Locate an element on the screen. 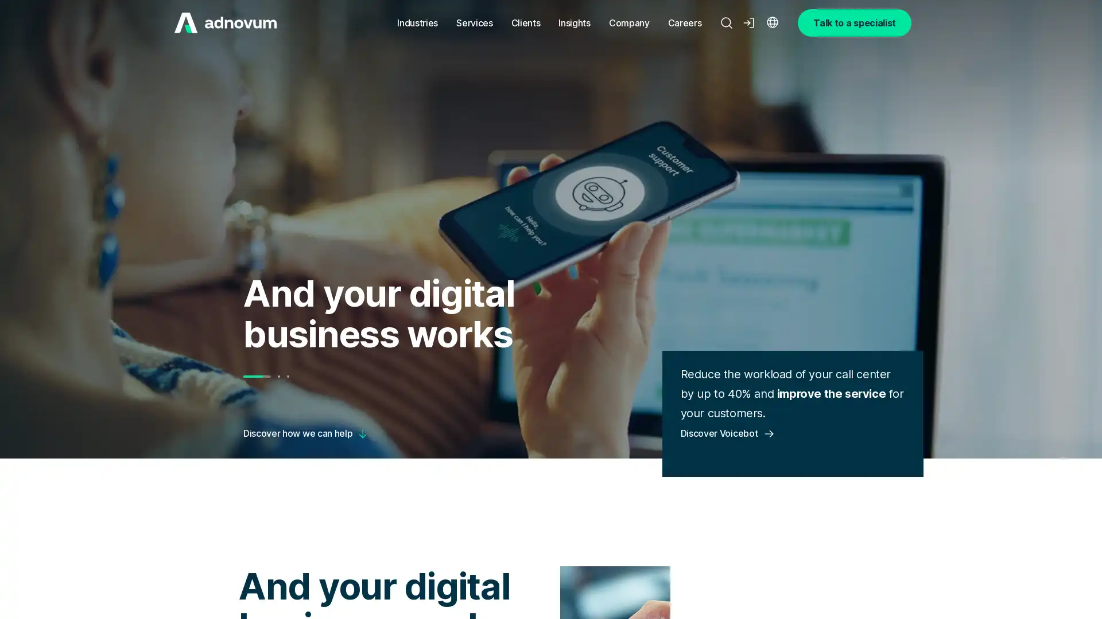 The height and width of the screenshot is (619, 1102). Go to slide 3 is located at coordinates (287, 376).